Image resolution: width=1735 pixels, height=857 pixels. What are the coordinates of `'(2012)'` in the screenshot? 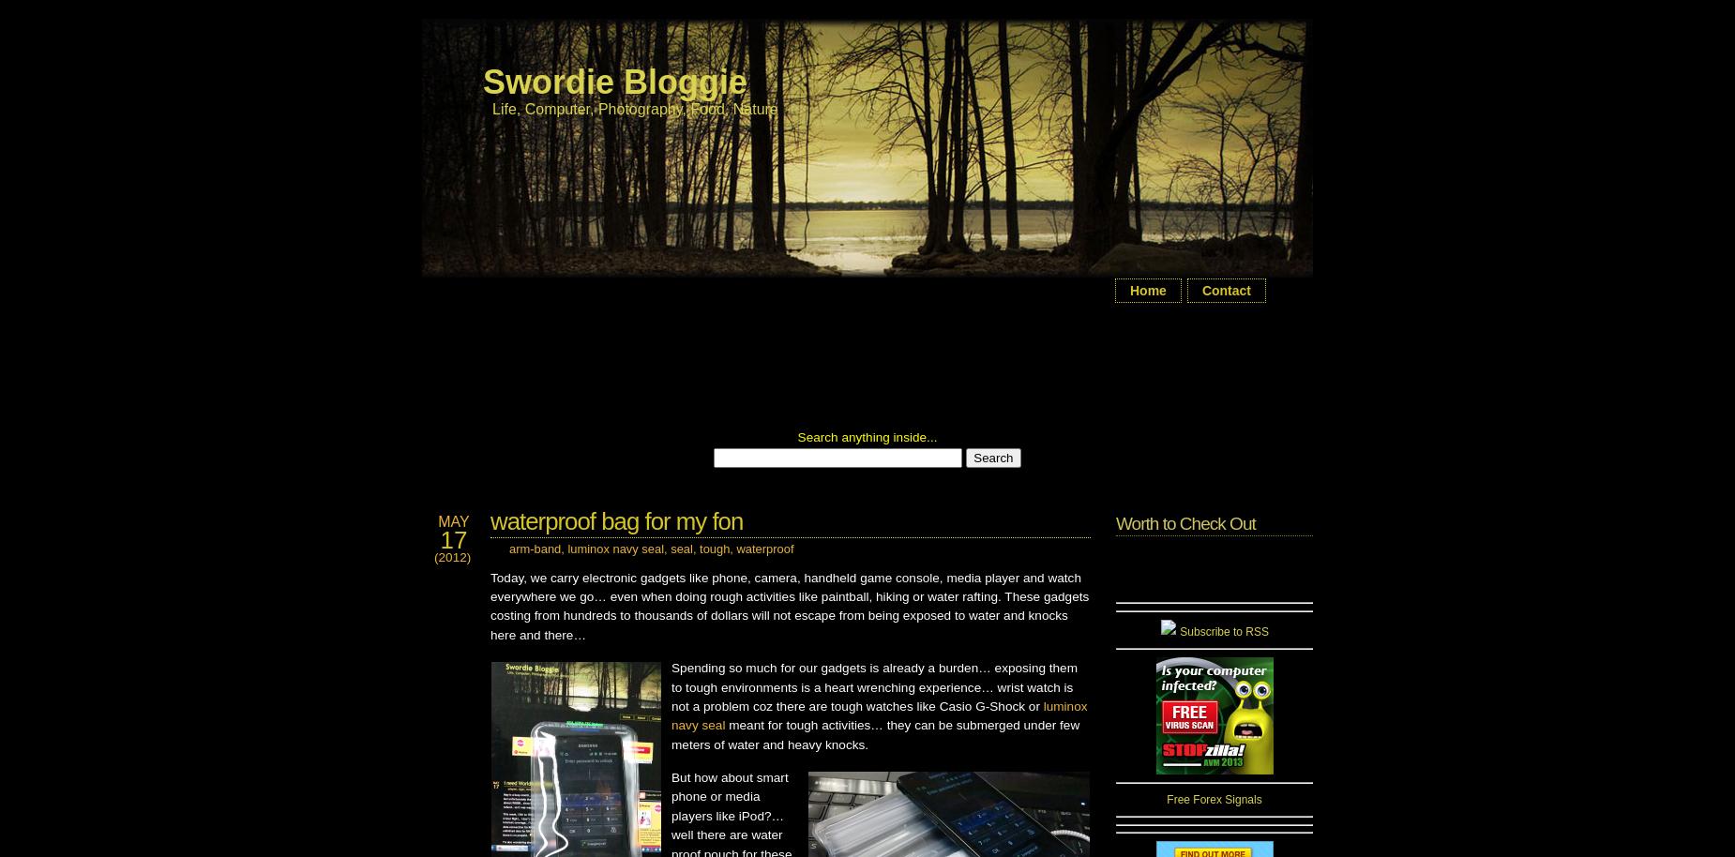 It's located at (452, 557).